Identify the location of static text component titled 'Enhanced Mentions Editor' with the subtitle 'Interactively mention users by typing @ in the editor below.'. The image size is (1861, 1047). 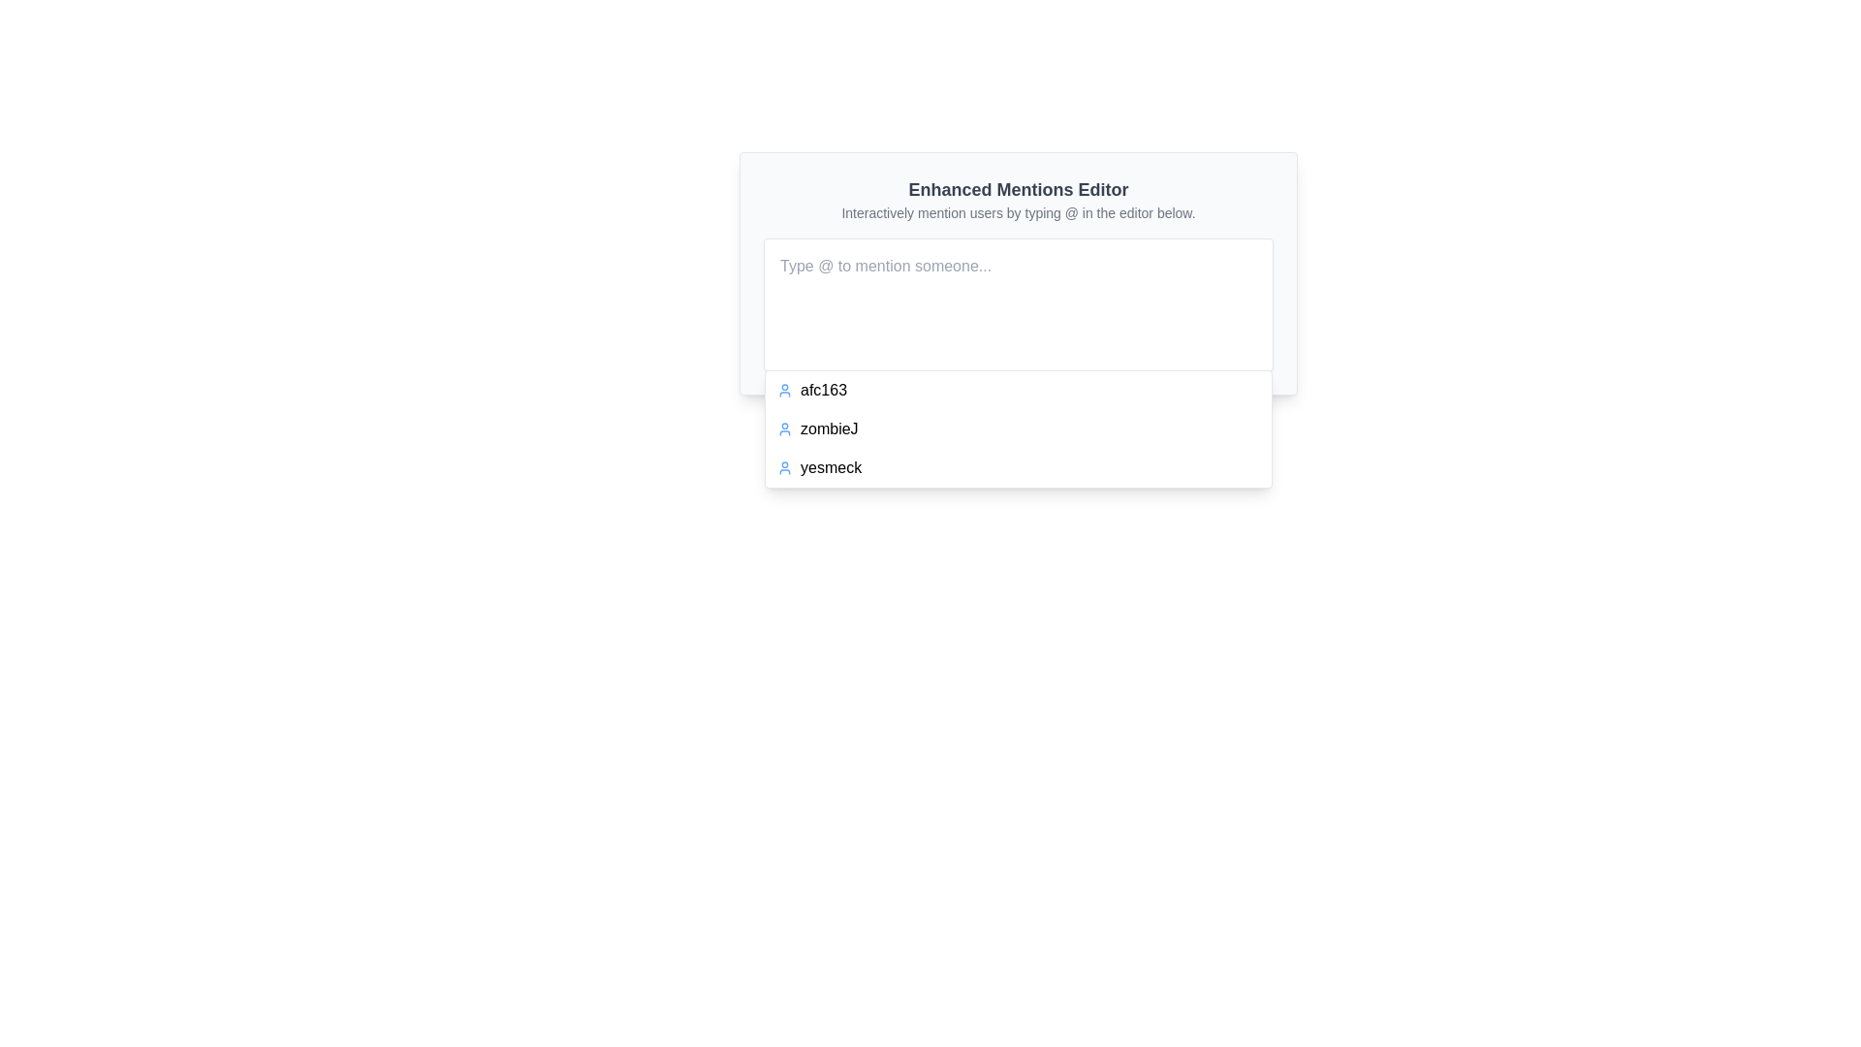
(1018, 199).